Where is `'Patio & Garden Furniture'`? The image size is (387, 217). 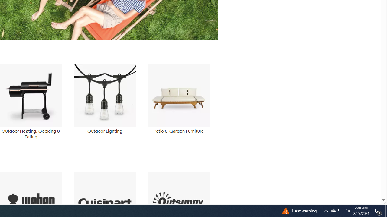 'Patio & Garden Furniture' is located at coordinates (178, 99).